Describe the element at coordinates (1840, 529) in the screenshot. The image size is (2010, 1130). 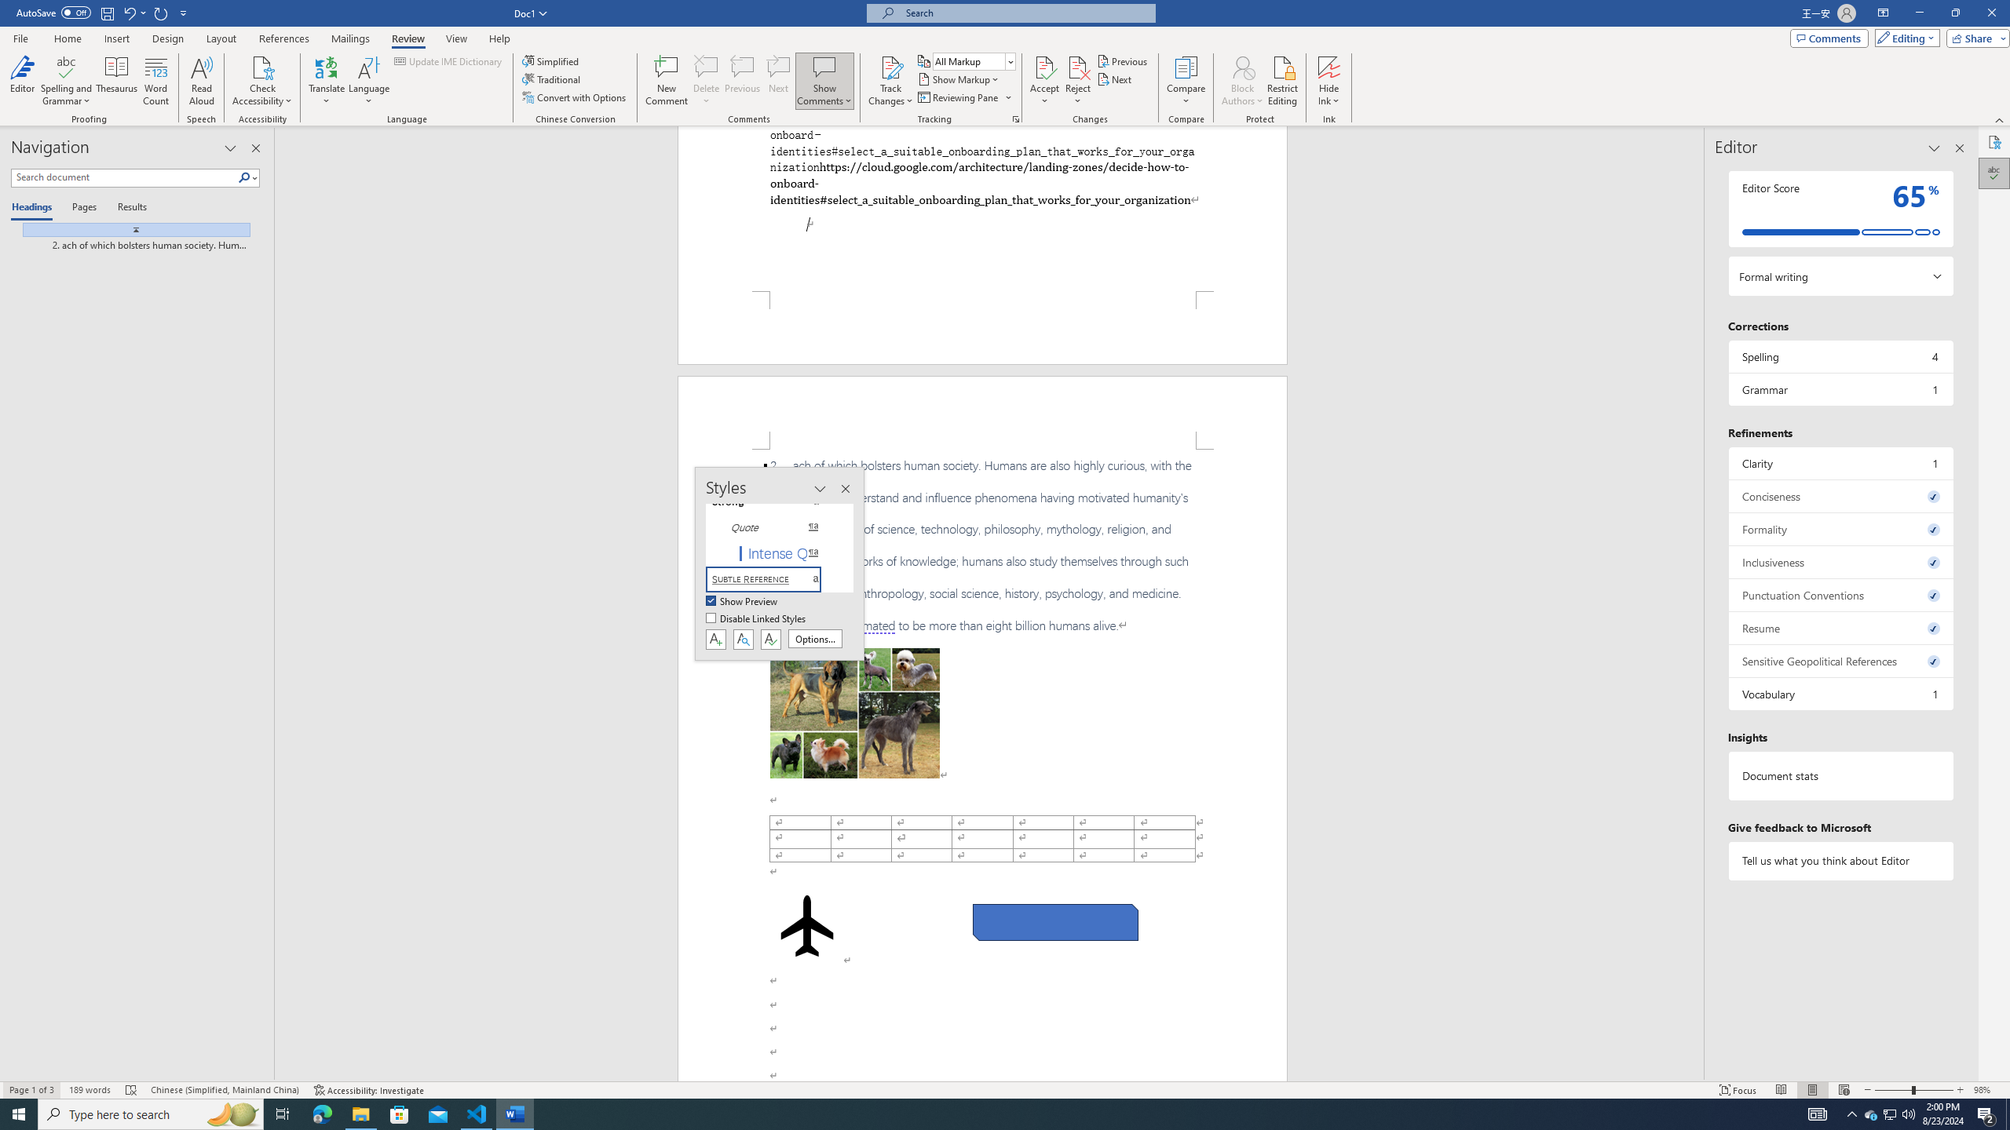
I see `'Formality, 0 issues. Press space or enter to review items.'` at that location.